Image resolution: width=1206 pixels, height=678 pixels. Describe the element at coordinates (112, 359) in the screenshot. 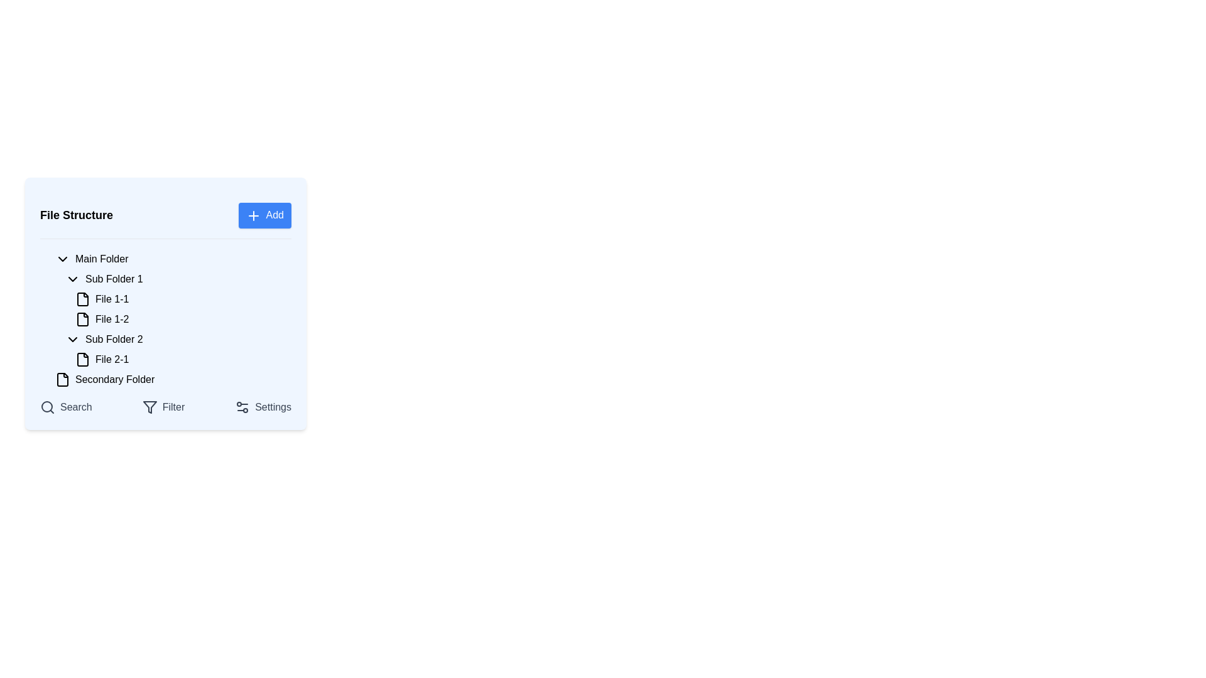

I see `the text label 'File 2-1' located within the collapsible hierarchical file structure interface` at that location.